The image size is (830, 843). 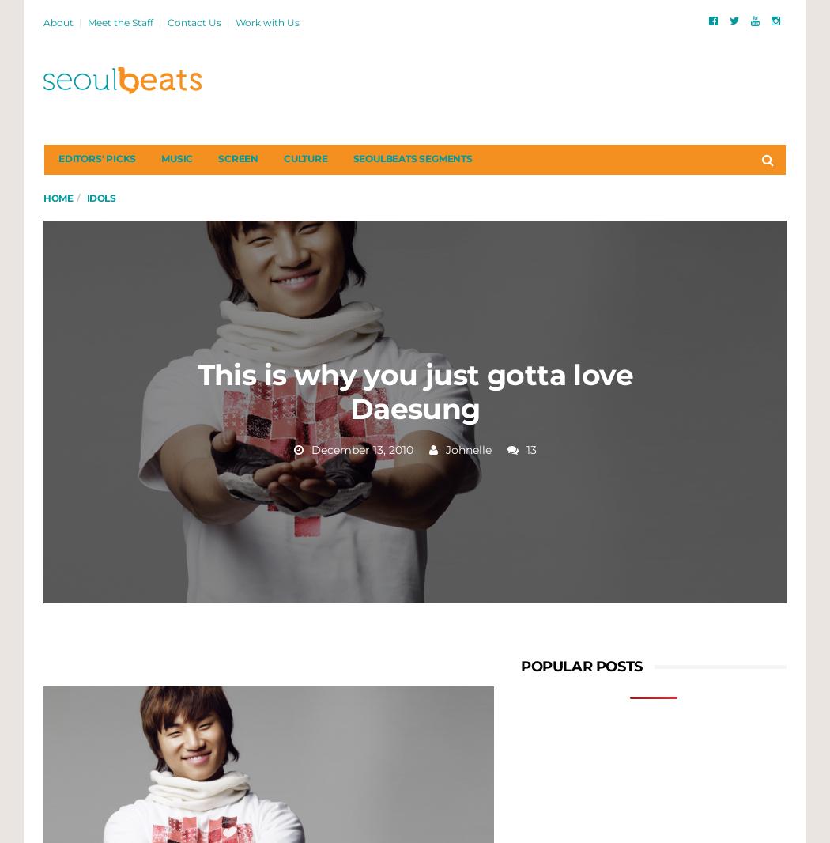 I want to click on 'My Lovely Liar: A Sweet Mix of Romance and Murder Mystery', so click(x=60, y=337).